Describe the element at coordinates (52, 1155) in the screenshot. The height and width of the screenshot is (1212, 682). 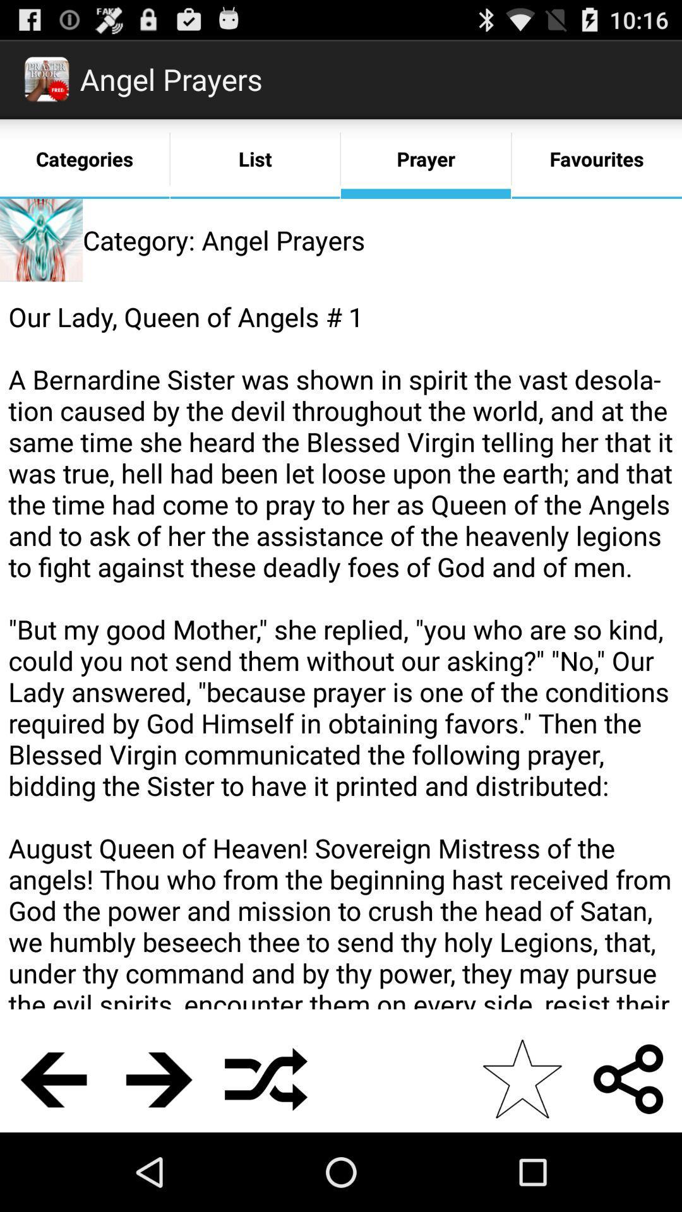
I see `the arrow_backward icon` at that location.